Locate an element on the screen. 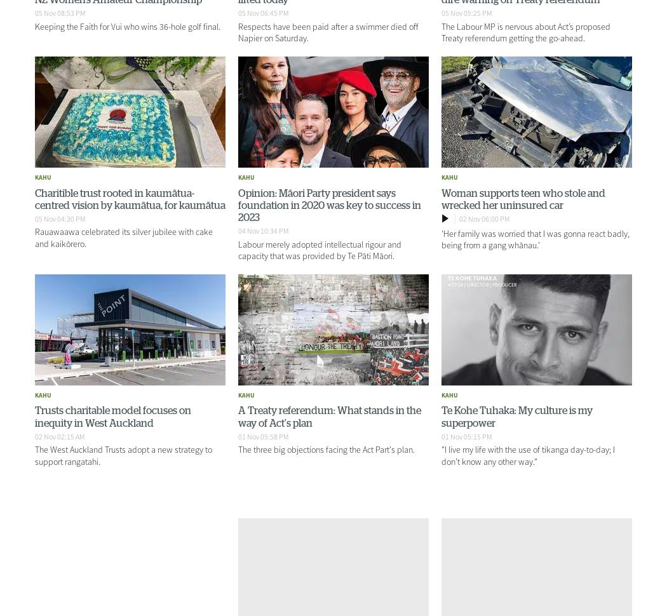 This screenshot has width=667, height=616. '04 Nov 10:34 PM' is located at coordinates (262, 230).